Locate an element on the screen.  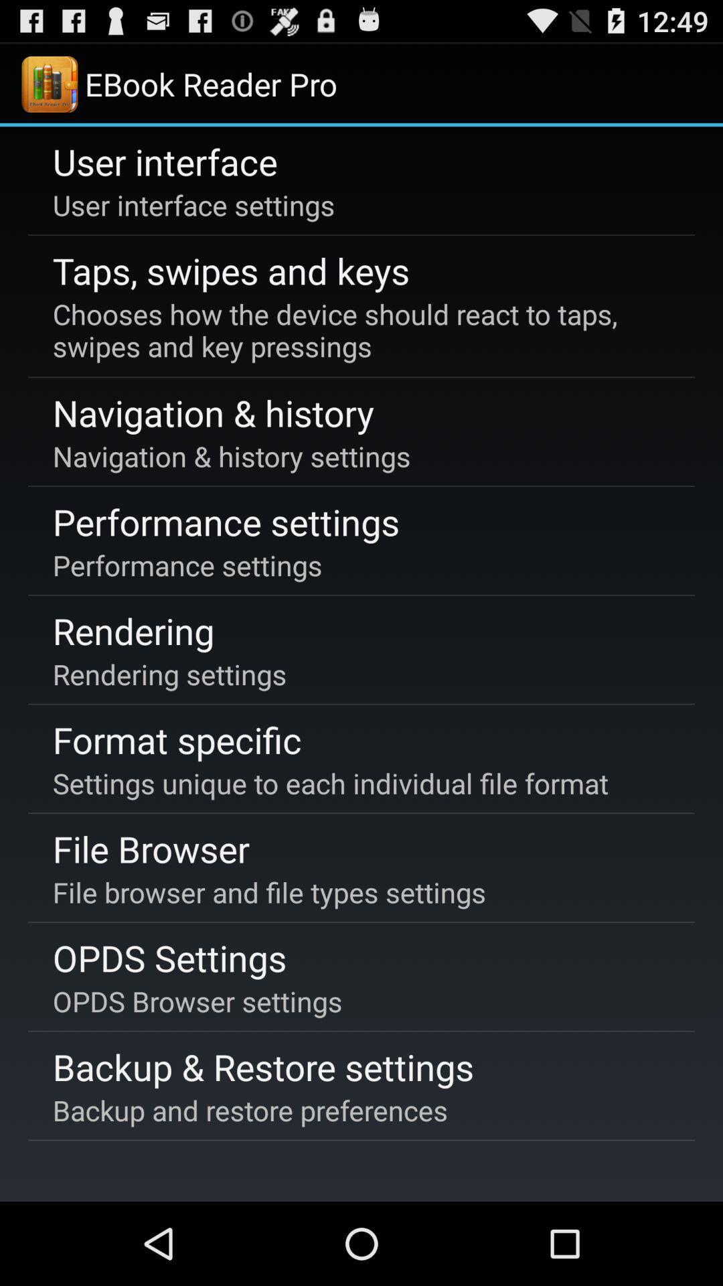
format specific icon is located at coordinates (176, 739).